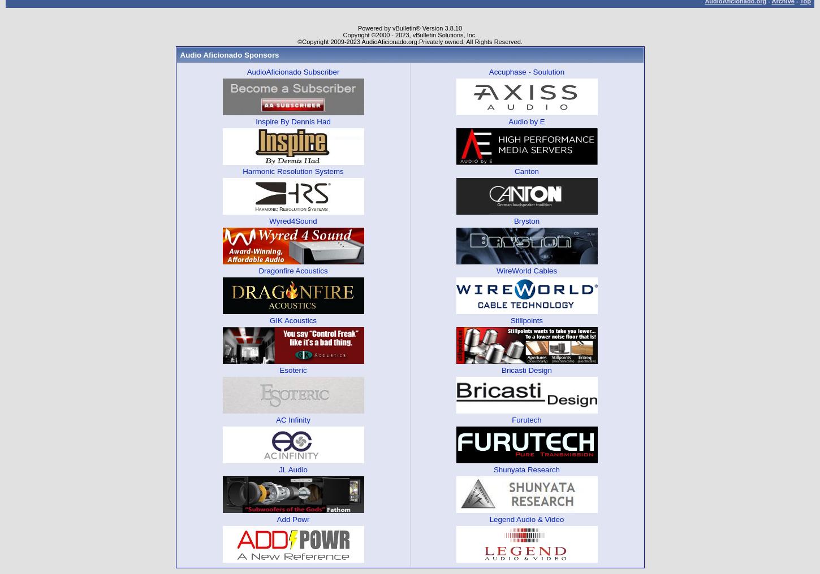  What do you see at coordinates (526, 369) in the screenshot?
I see `'Bricasti Design'` at bounding box center [526, 369].